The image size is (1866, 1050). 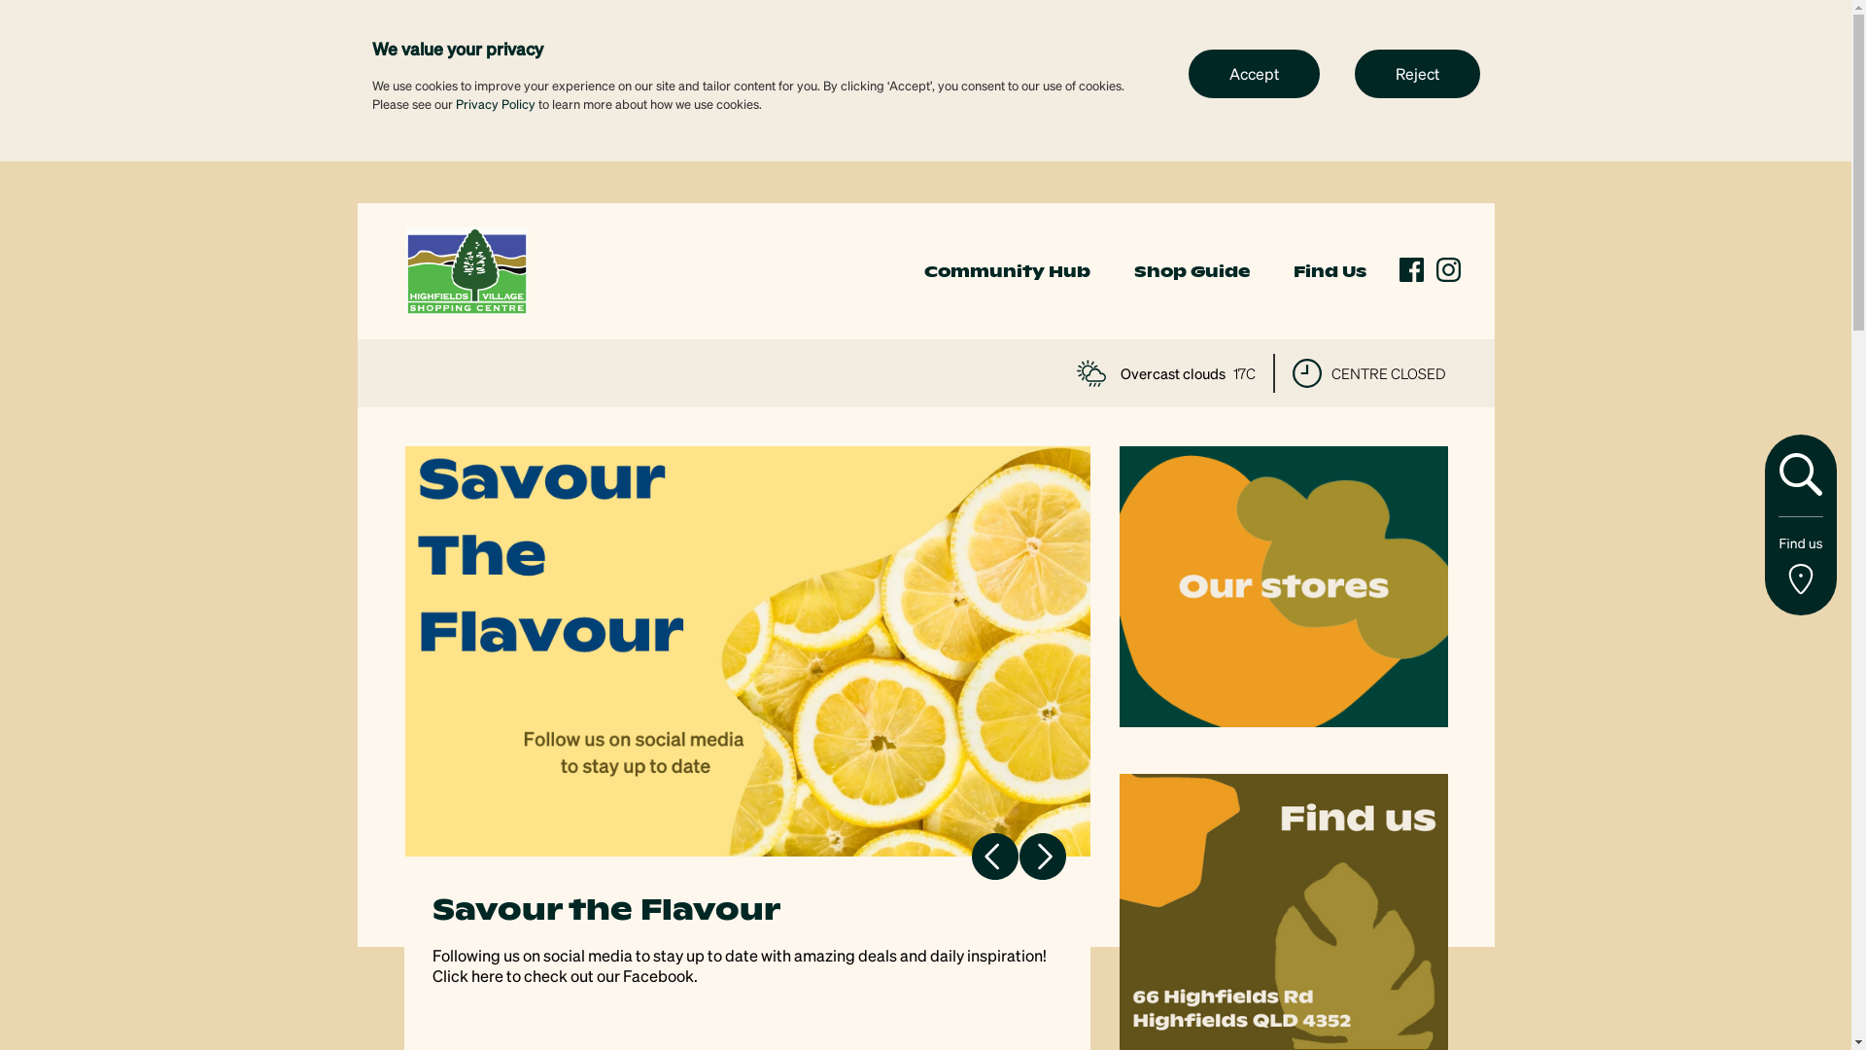 I want to click on 'Shop Guide', so click(x=1190, y=271).